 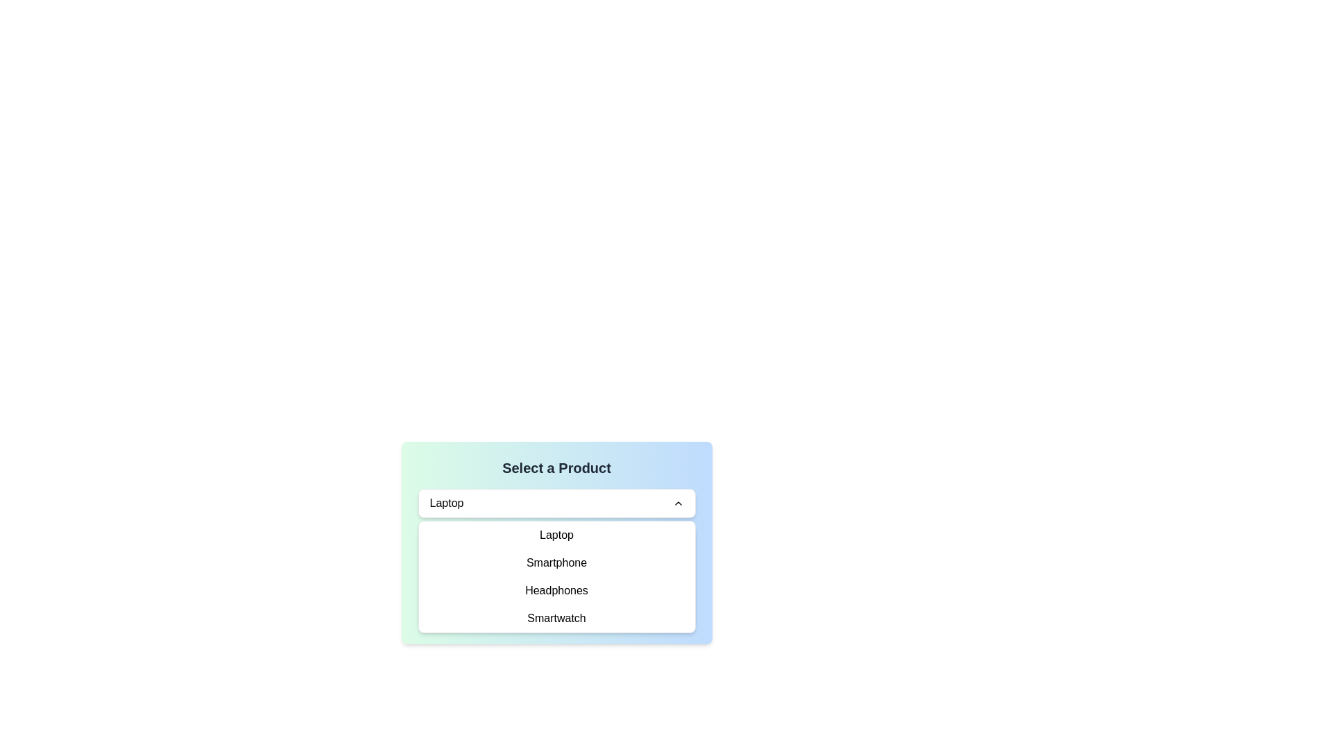 I want to click on the 'Headphones' dropdown menu option using the keyboard to focus on it, which is the third item in the dropdown list under 'Select a Product', so click(x=556, y=591).